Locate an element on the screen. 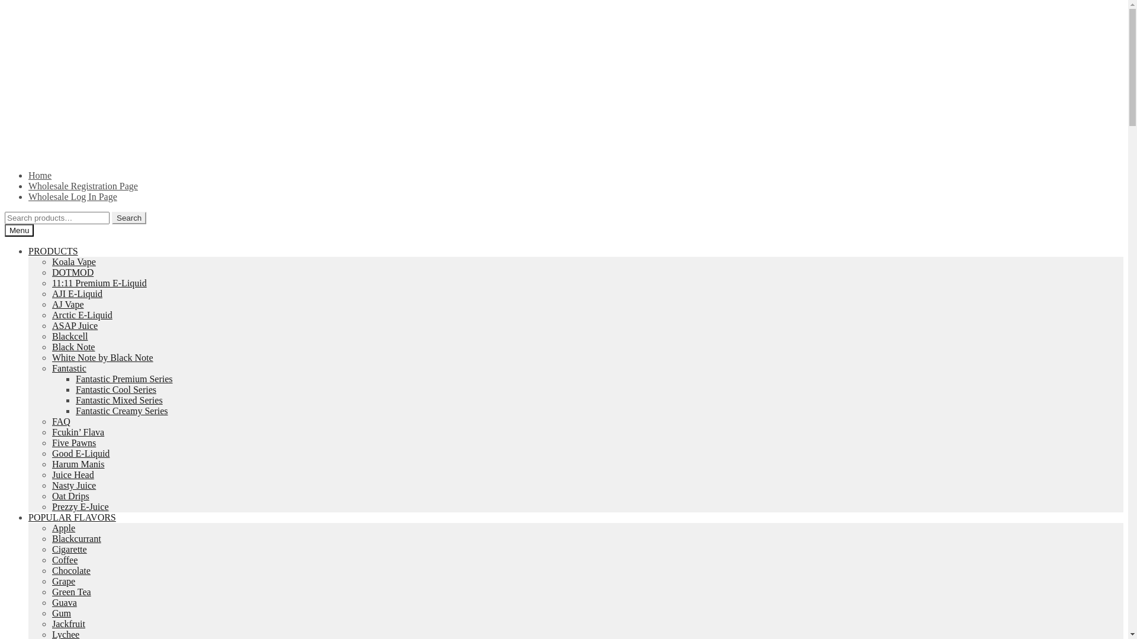  'ASAP Juice' is located at coordinates (74, 325).